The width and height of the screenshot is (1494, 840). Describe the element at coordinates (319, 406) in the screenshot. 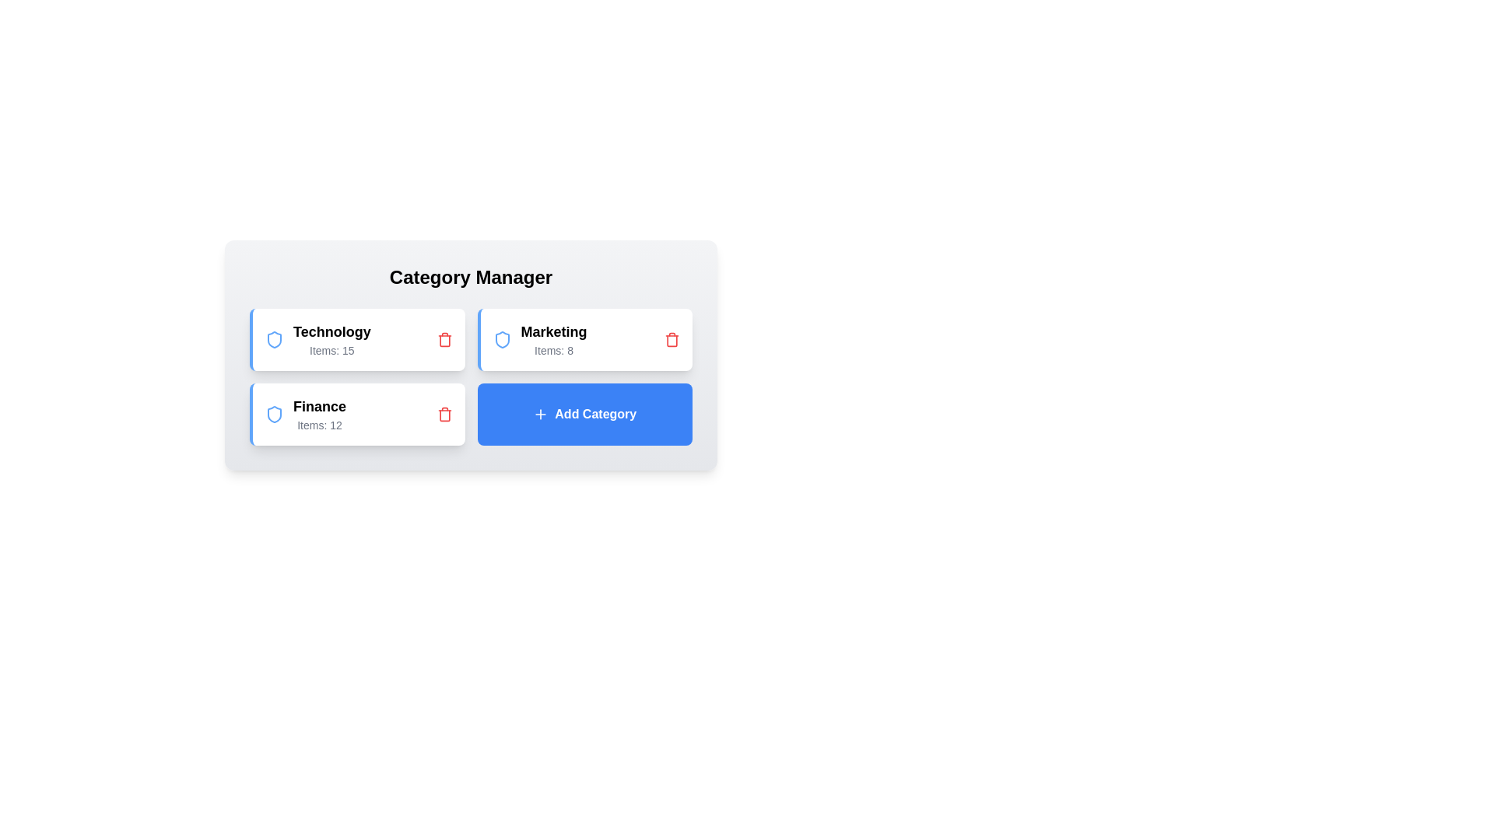

I see `the category name Finance to select it` at that location.